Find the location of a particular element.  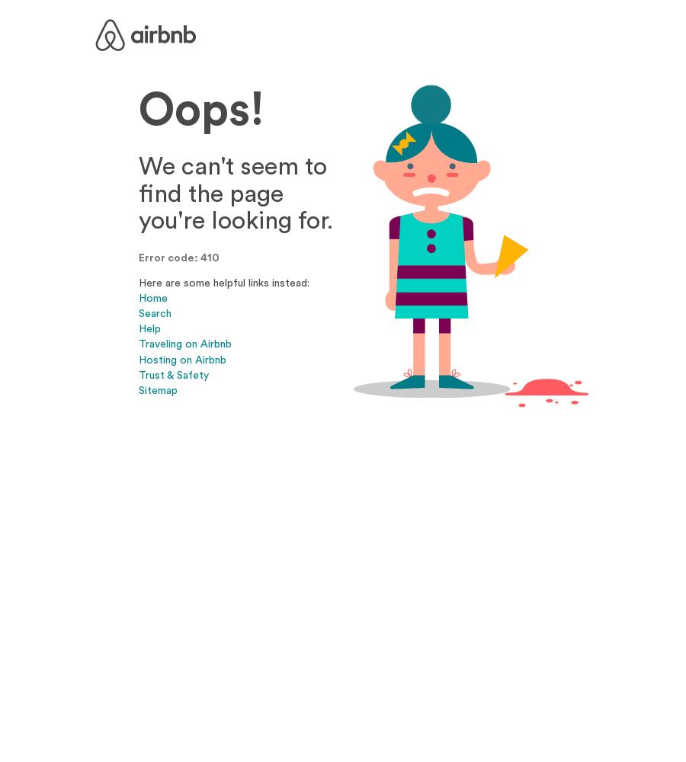

'Hosting on Airbnb' is located at coordinates (181, 358).